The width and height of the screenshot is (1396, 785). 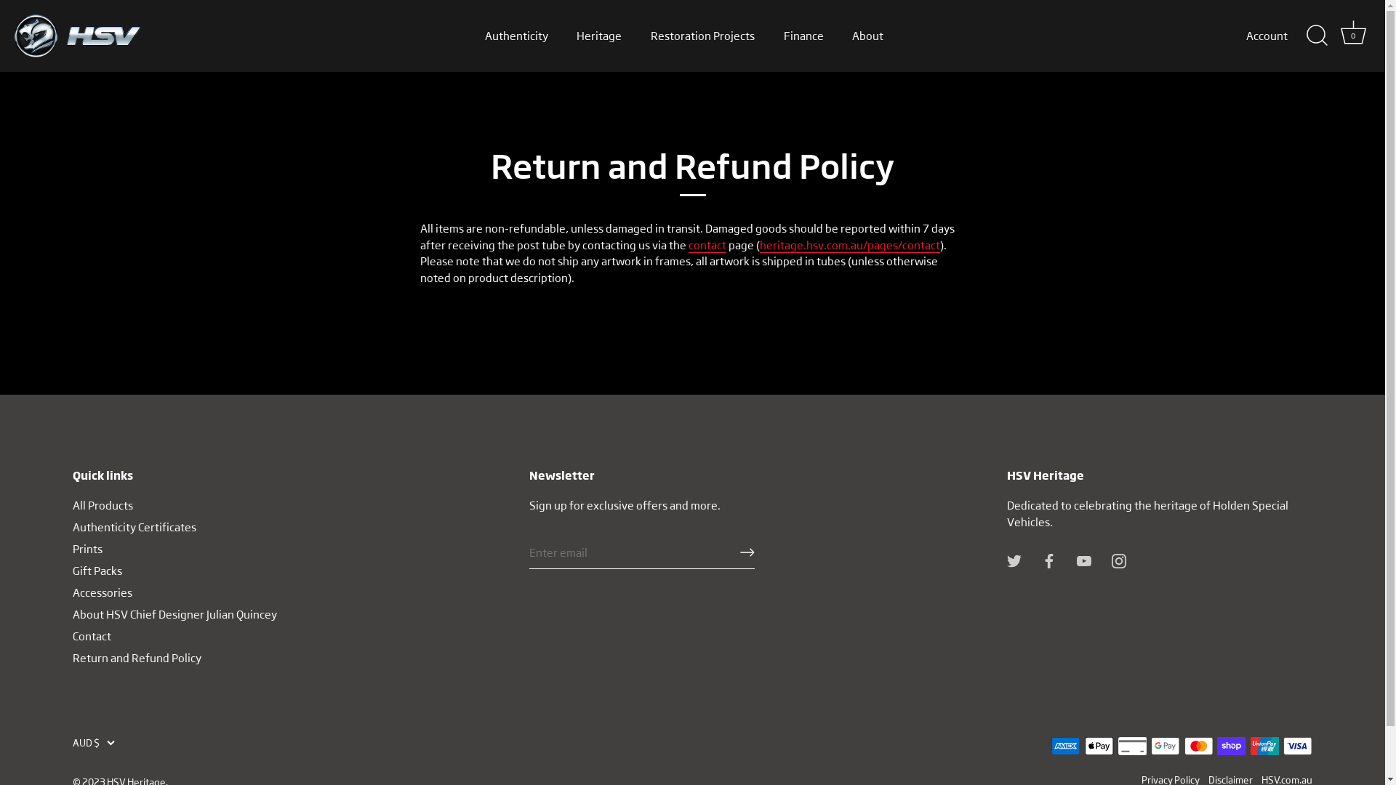 What do you see at coordinates (802, 35) in the screenshot?
I see `'Finance'` at bounding box center [802, 35].